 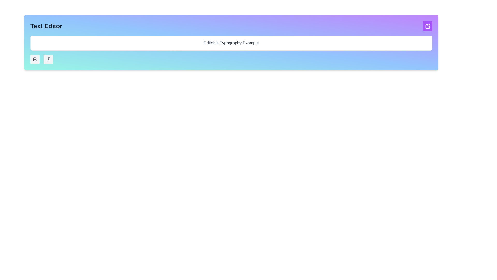 What do you see at coordinates (48, 59) in the screenshot?
I see `the italic formatting button located` at bounding box center [48, 59].